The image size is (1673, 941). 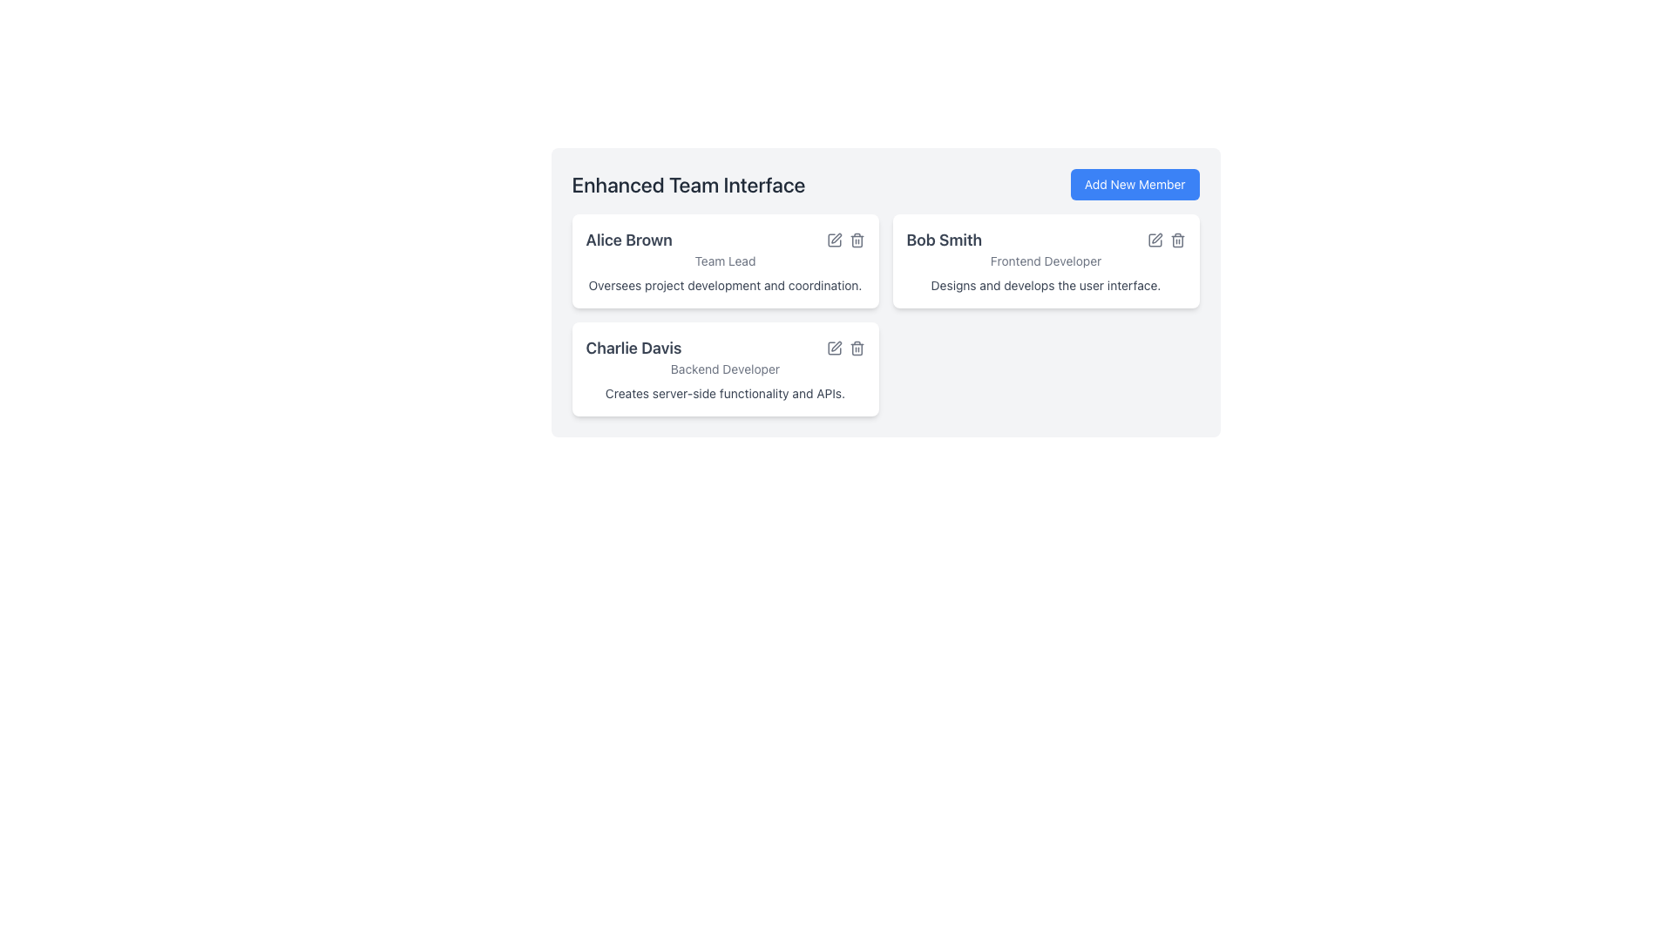 I want to click on the trash bin icon for 'Charlie Davis' located in the top-right corner of the card to trigger the visual feedback effect, so click(x=857, y=349).